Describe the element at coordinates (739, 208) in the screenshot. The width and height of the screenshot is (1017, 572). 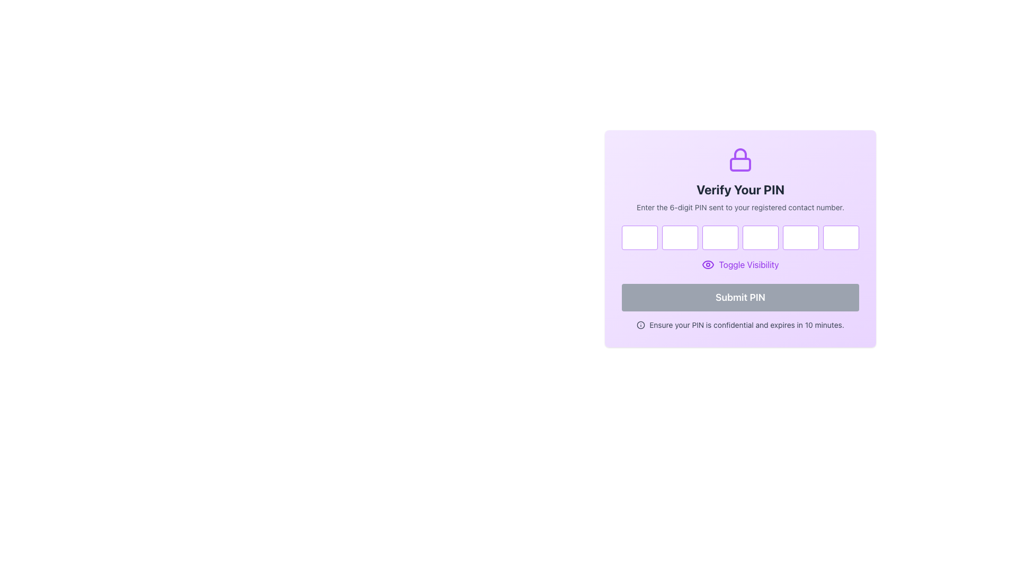
I see `the static text block that instructs 'Enter the 6-digit PIN sent to your registered contact number.' which is positioned below the header 'Verify Your PIN' and above the PIN input fields` at that location.